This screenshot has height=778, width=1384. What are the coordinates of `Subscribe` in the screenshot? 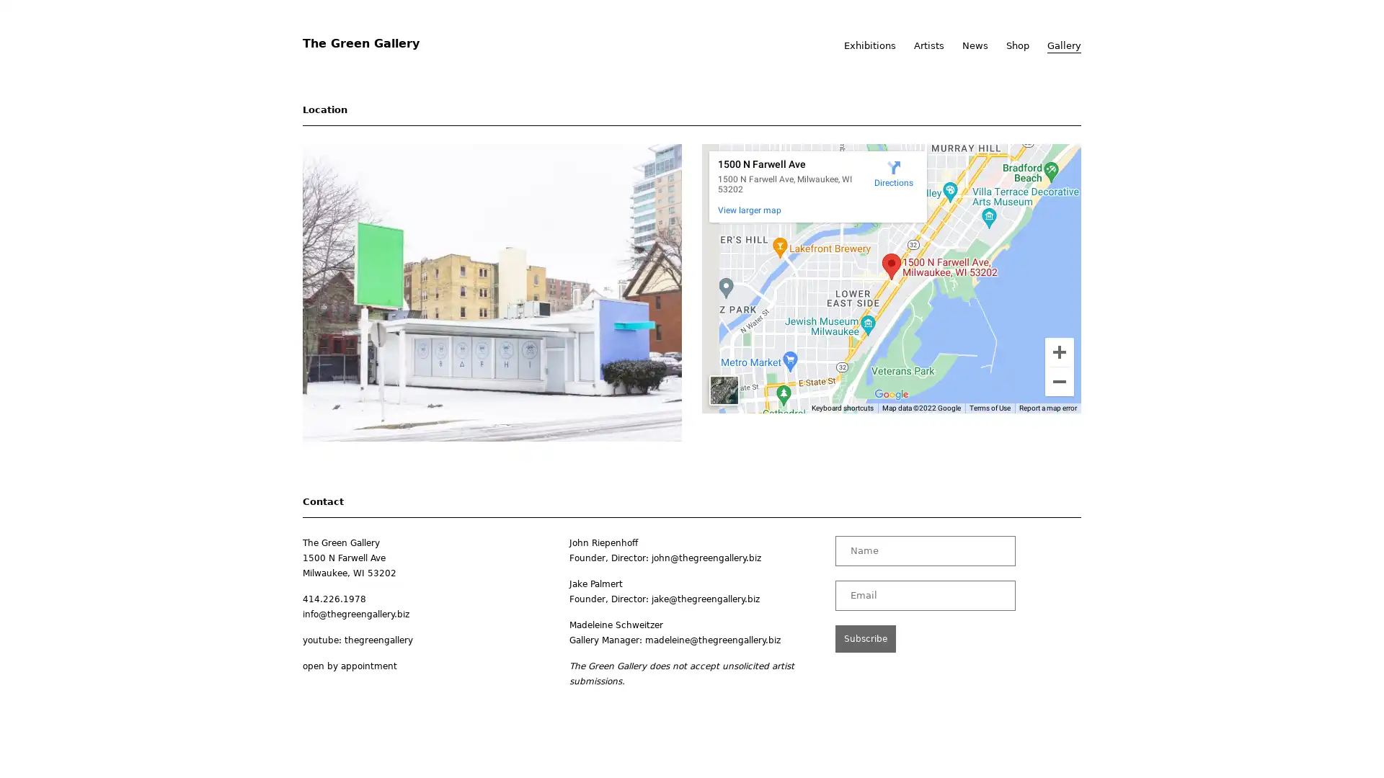 It's located at (865, 638).